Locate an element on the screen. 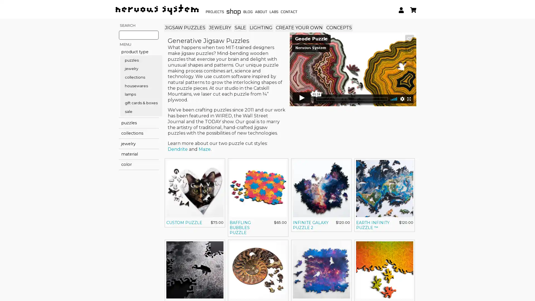 Image resolution: width=535 pixels, height=301 pixels. jewelry is located at coordinates (138, 143).